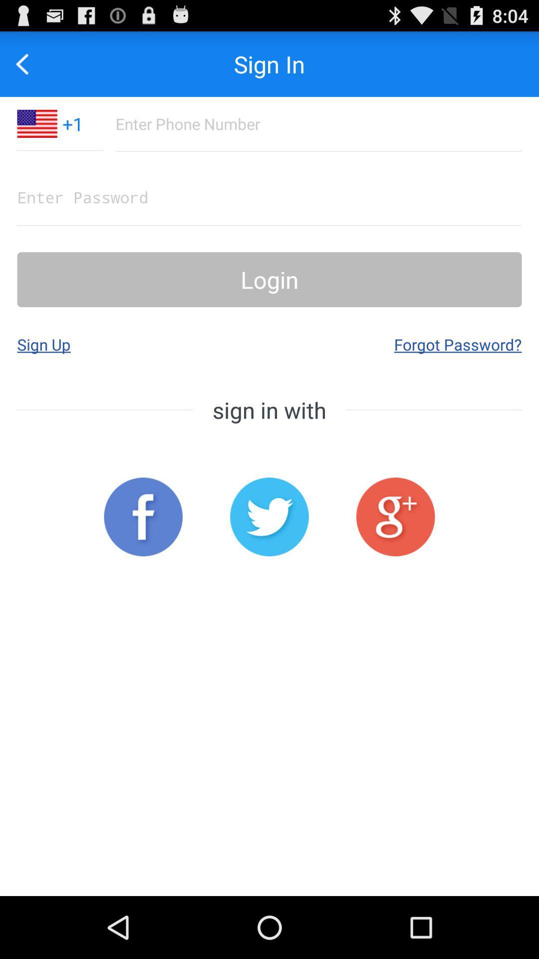  I want to click on the icon next to forgot password? icon, so click(43, 344).